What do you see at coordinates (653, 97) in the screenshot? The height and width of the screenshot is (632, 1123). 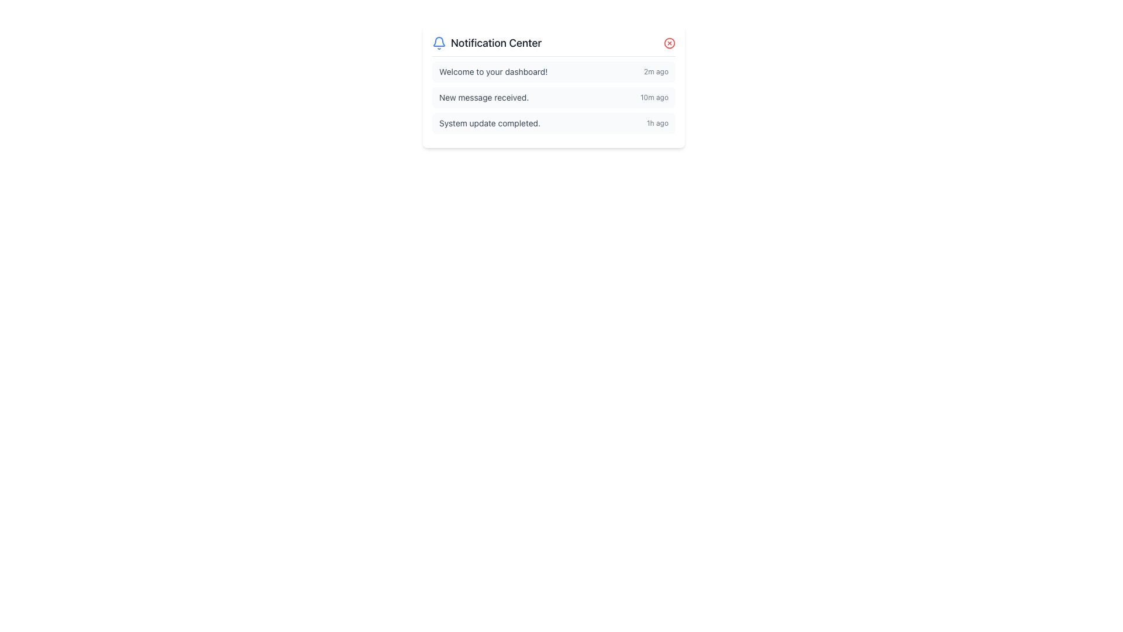 I see `the static text element that displays the timestamp of the notification 'New message received.' located at the end of the second notification message row in the Notification Center panel` at bounding box center [653, 97].